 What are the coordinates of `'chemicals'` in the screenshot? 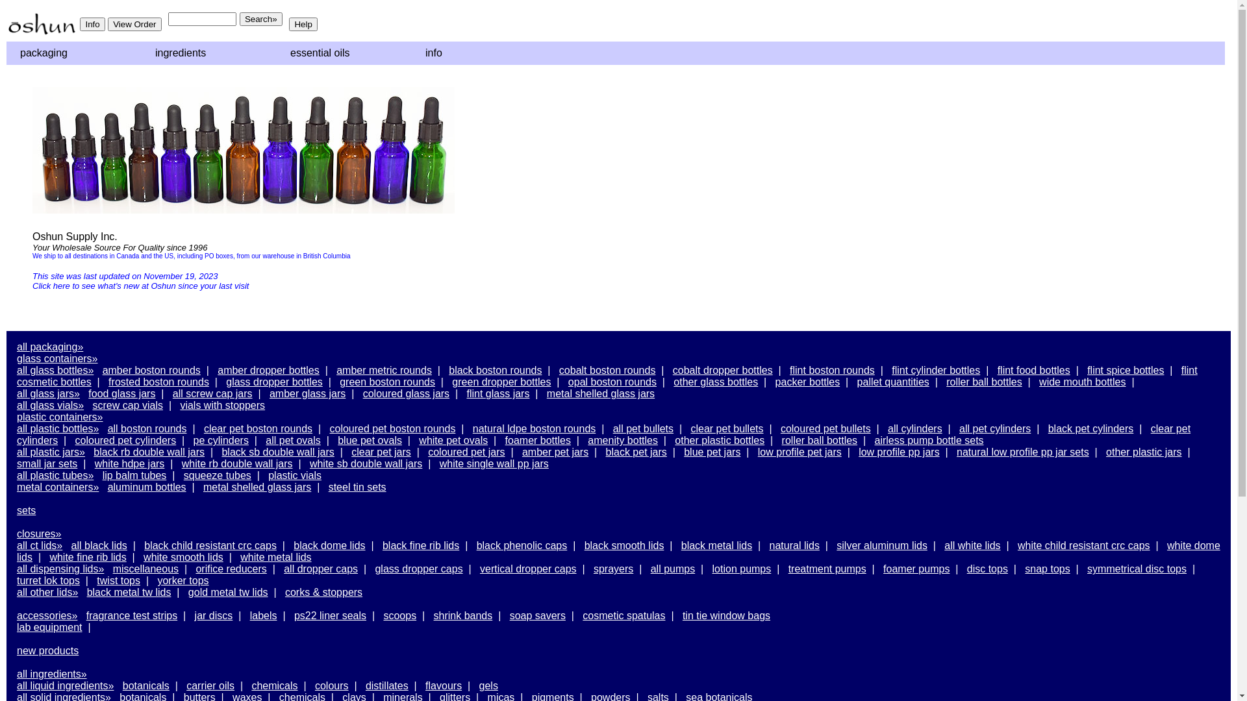 It's located at (273, 685).